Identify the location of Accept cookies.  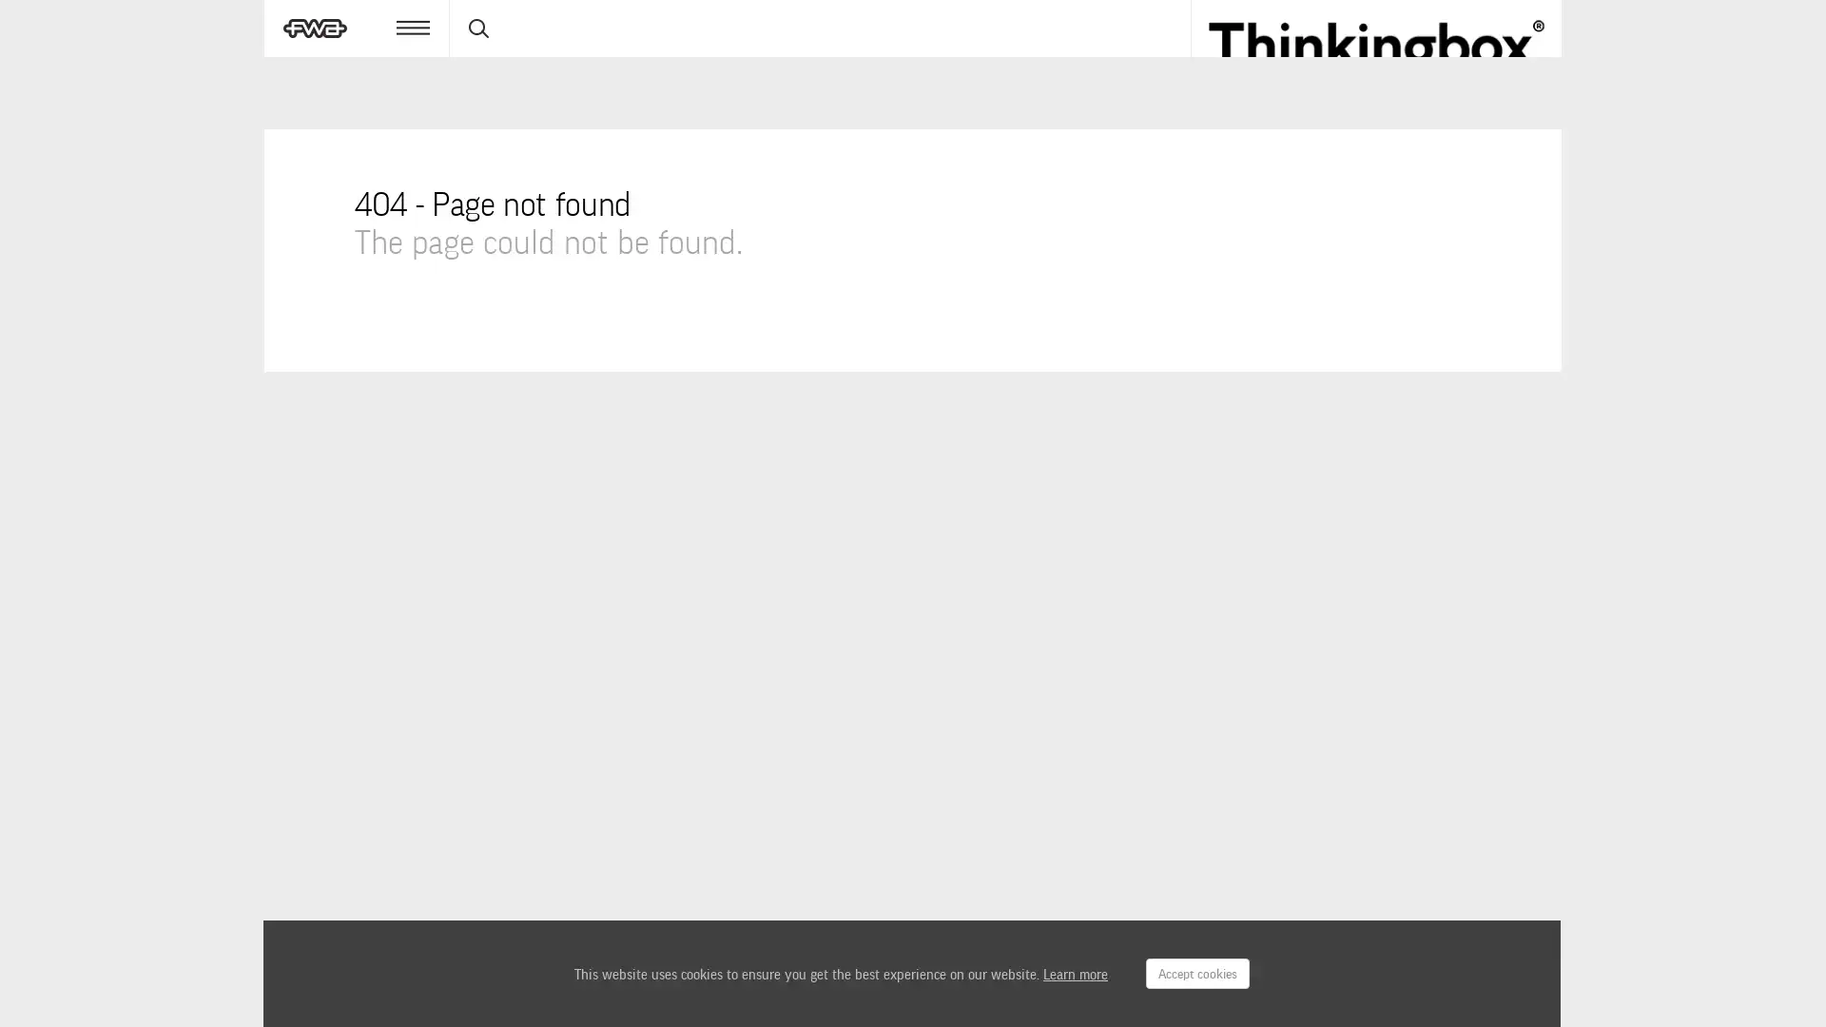
(1196, 973).